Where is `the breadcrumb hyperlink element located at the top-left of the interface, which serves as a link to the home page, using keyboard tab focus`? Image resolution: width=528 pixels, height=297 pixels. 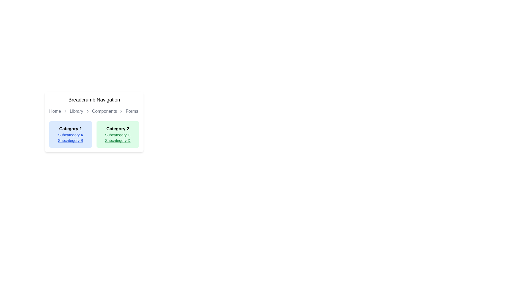 the breadcrumb hyperlink element located at the top-left of the interface, which serves as a link to the home page, using keyboard tab focus is located at coordinates (55, 111).